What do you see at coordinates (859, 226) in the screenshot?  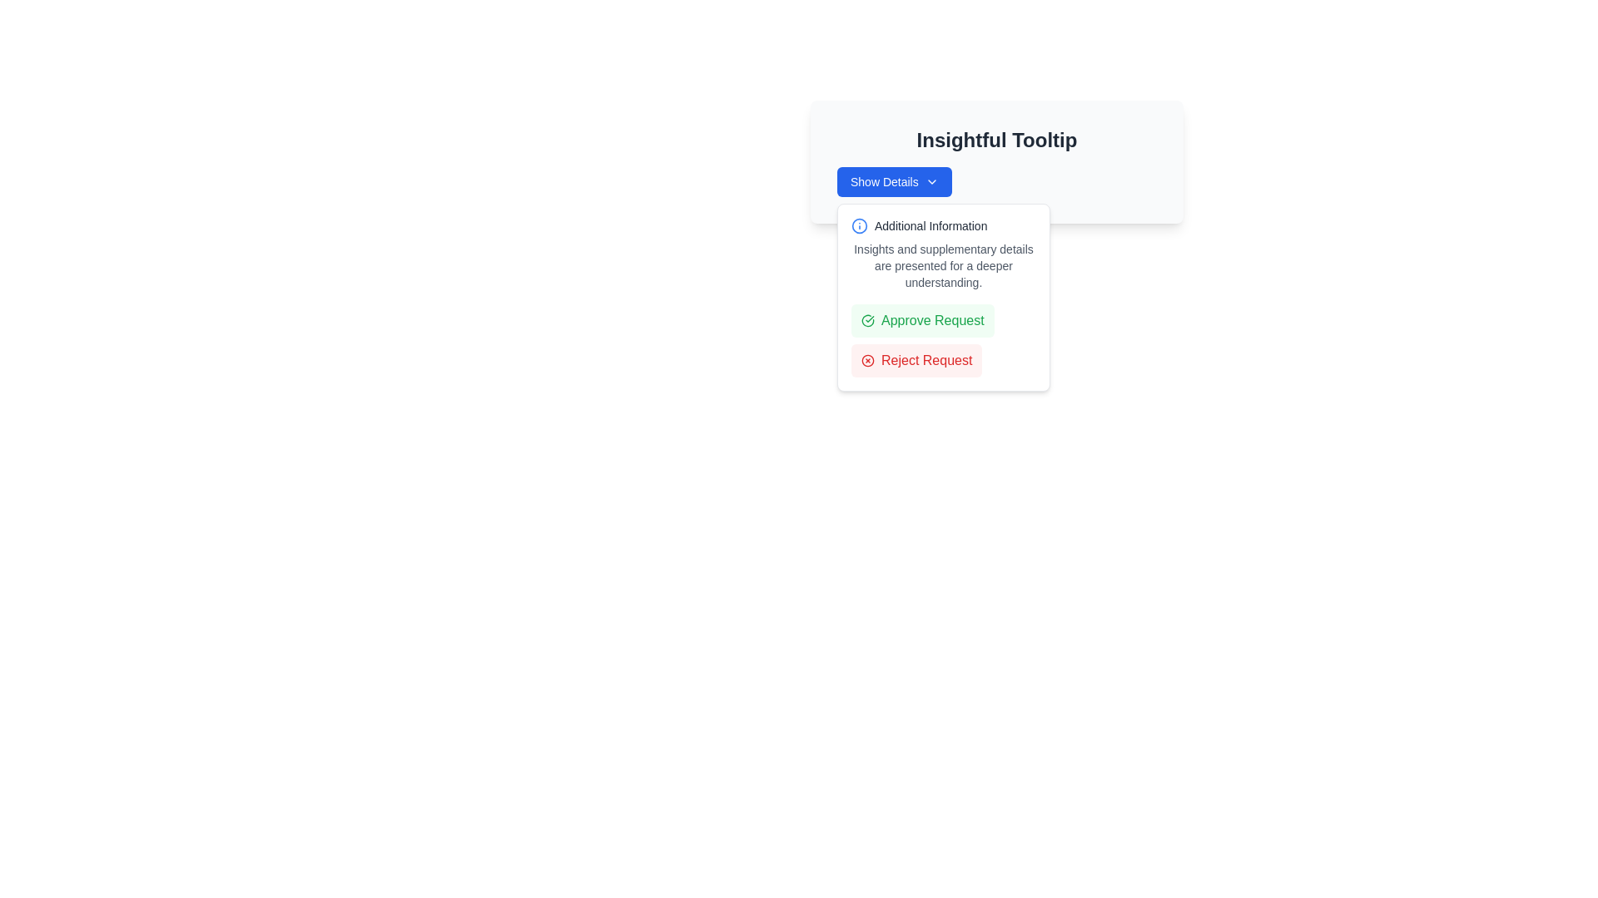 I see `the information icon with a circular blue outline and 'i' symbol located at the top left corner of the 'Additional Information' content box` at bounding box center [859, 226].